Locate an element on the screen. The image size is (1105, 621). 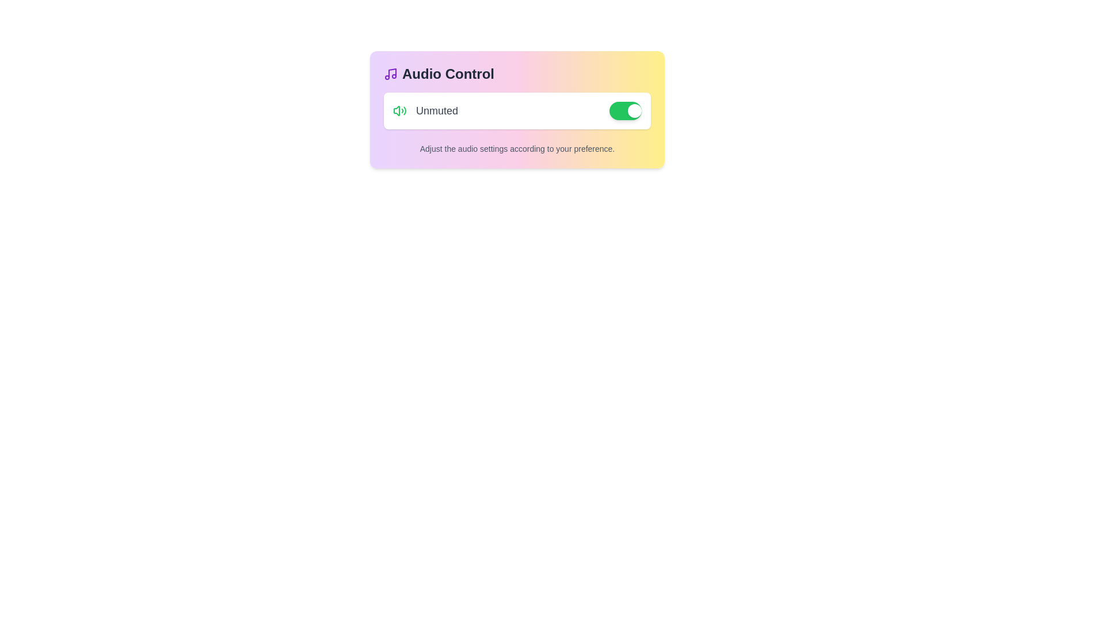
the static text label displaying 'Unmuted', which is styled in gray and located between a green sound icon and a toggle switch is located at coordinates (436, 110).